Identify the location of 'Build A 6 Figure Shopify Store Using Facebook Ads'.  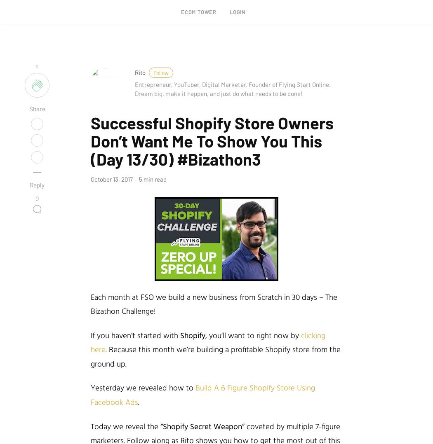
(90, 395).